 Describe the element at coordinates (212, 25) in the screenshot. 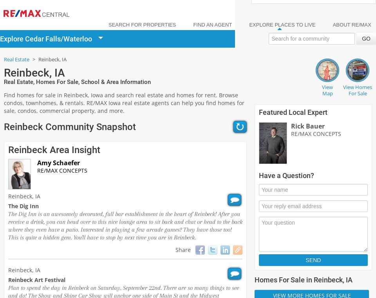

I see `'Find an Agent'` at that location.